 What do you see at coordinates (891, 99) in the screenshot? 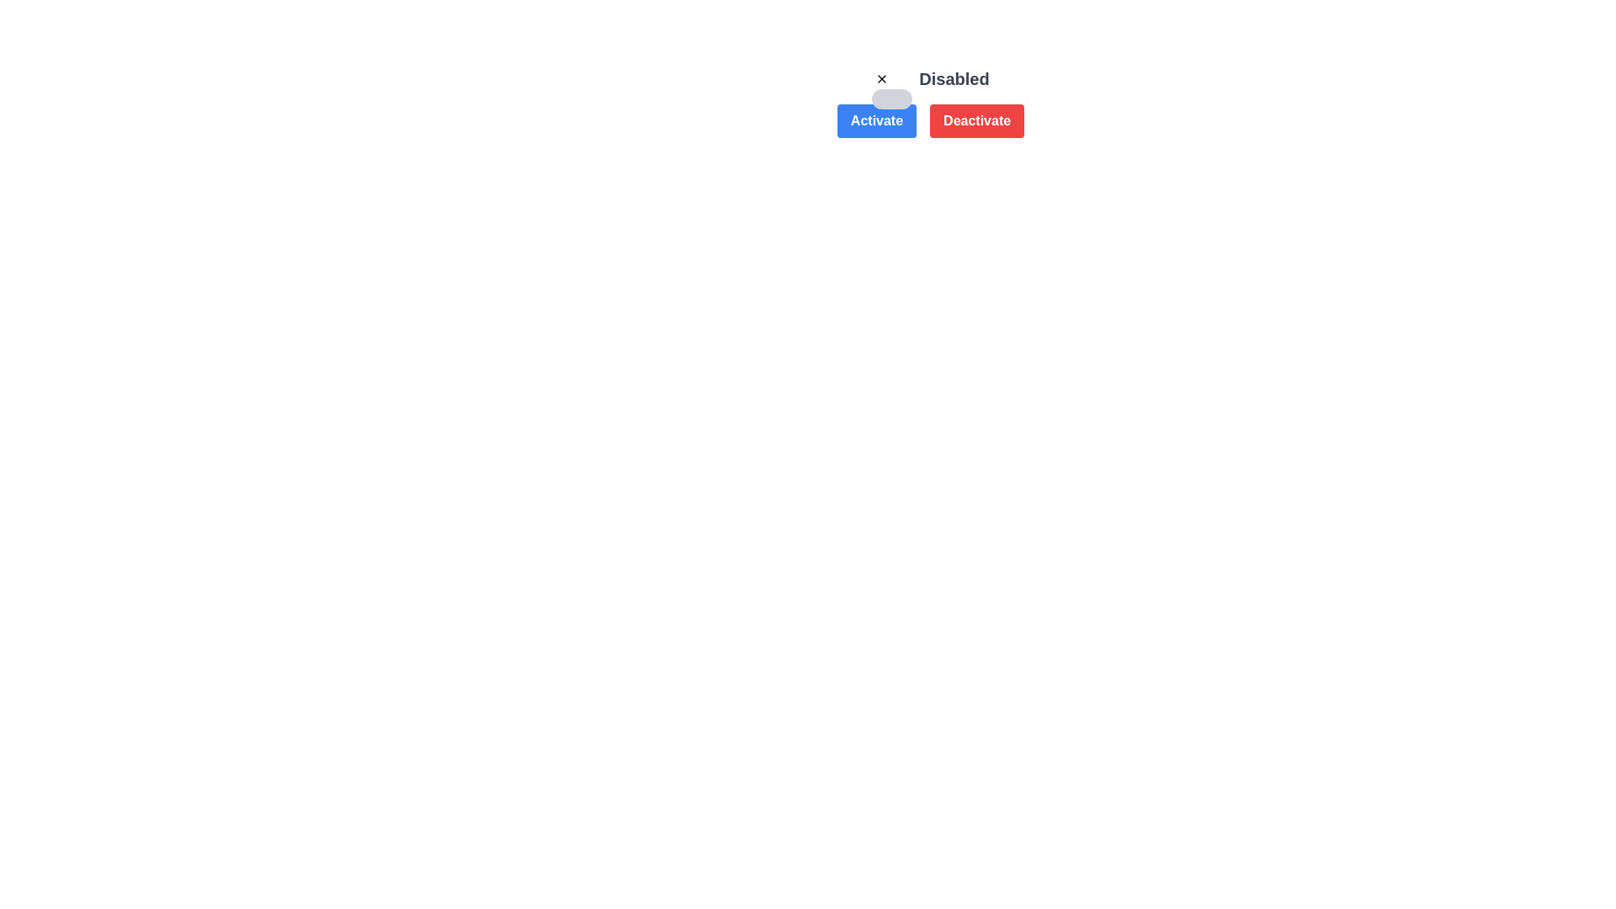
I see `the Toggle background element, which is a horizontally elongated oval with a light gray color, located above the 'Activate' and 'Deactivate' buttons` at bounding box center [891, 99].